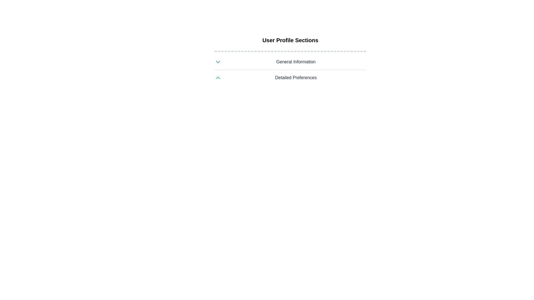 The height and width of the screenshot is (300, 534). Describe the element at coordinates (217, 62) in the screenshot. I see `the blue chevron-down icon` at that location.